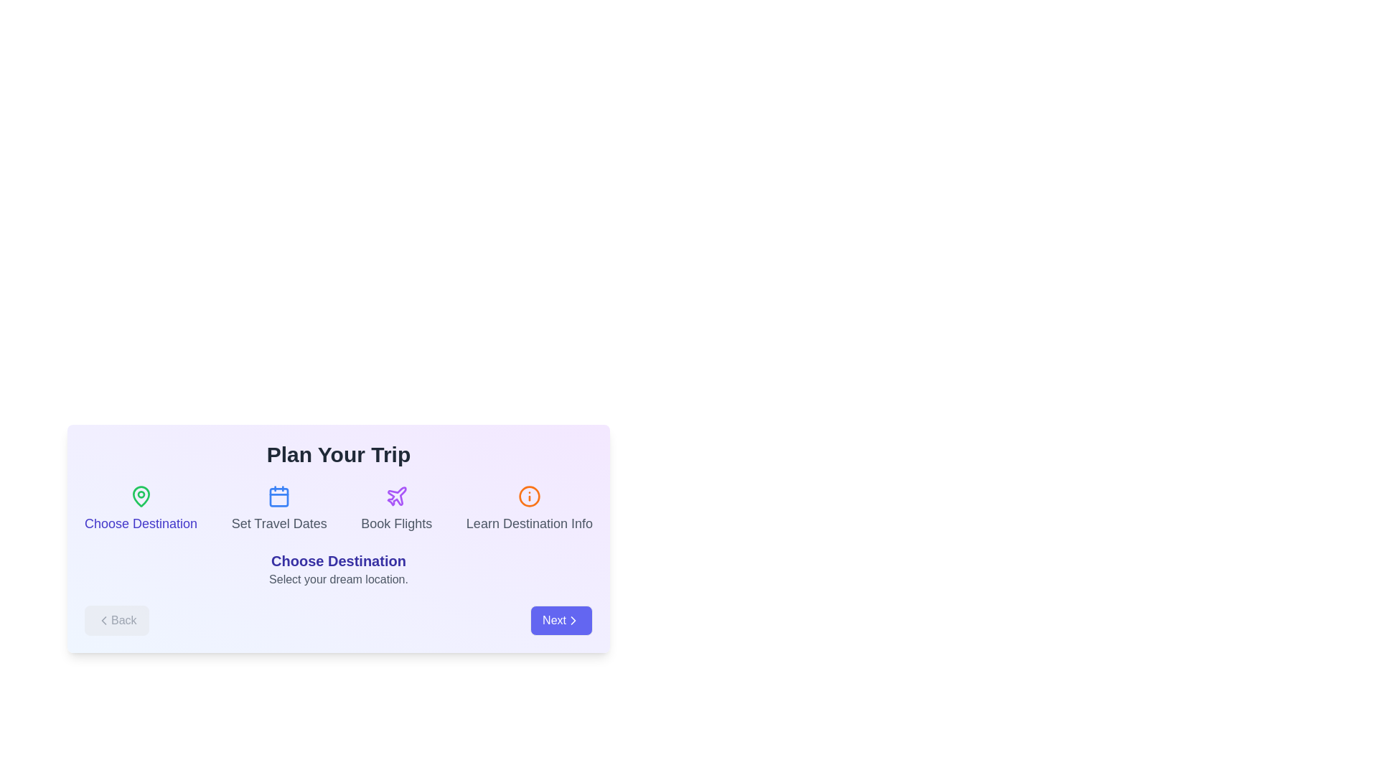 The height and width of the screenshot is (775, 1378). What do you see at coordinates (141, 495) in the screenshot?
I see `the icon representing the option to choose a location or destination for a trip, located at the leftmost position in the 'Plan Your Trip' section, above the label 'Choose Destination'` at bounding box center [141, 495].